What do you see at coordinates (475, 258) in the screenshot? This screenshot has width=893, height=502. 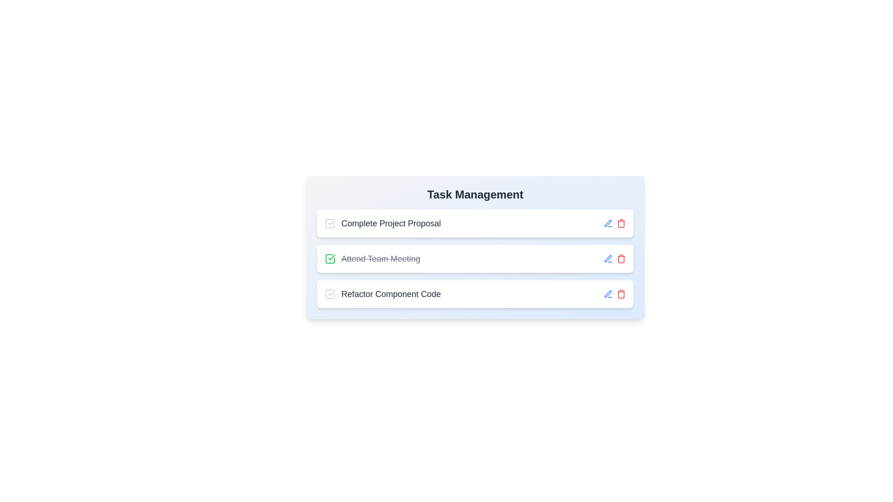 I see `the green checkbox to the left of the completed task 'Attend Team Meeting' in the Task Management panel` at bounding box center [475, 258].